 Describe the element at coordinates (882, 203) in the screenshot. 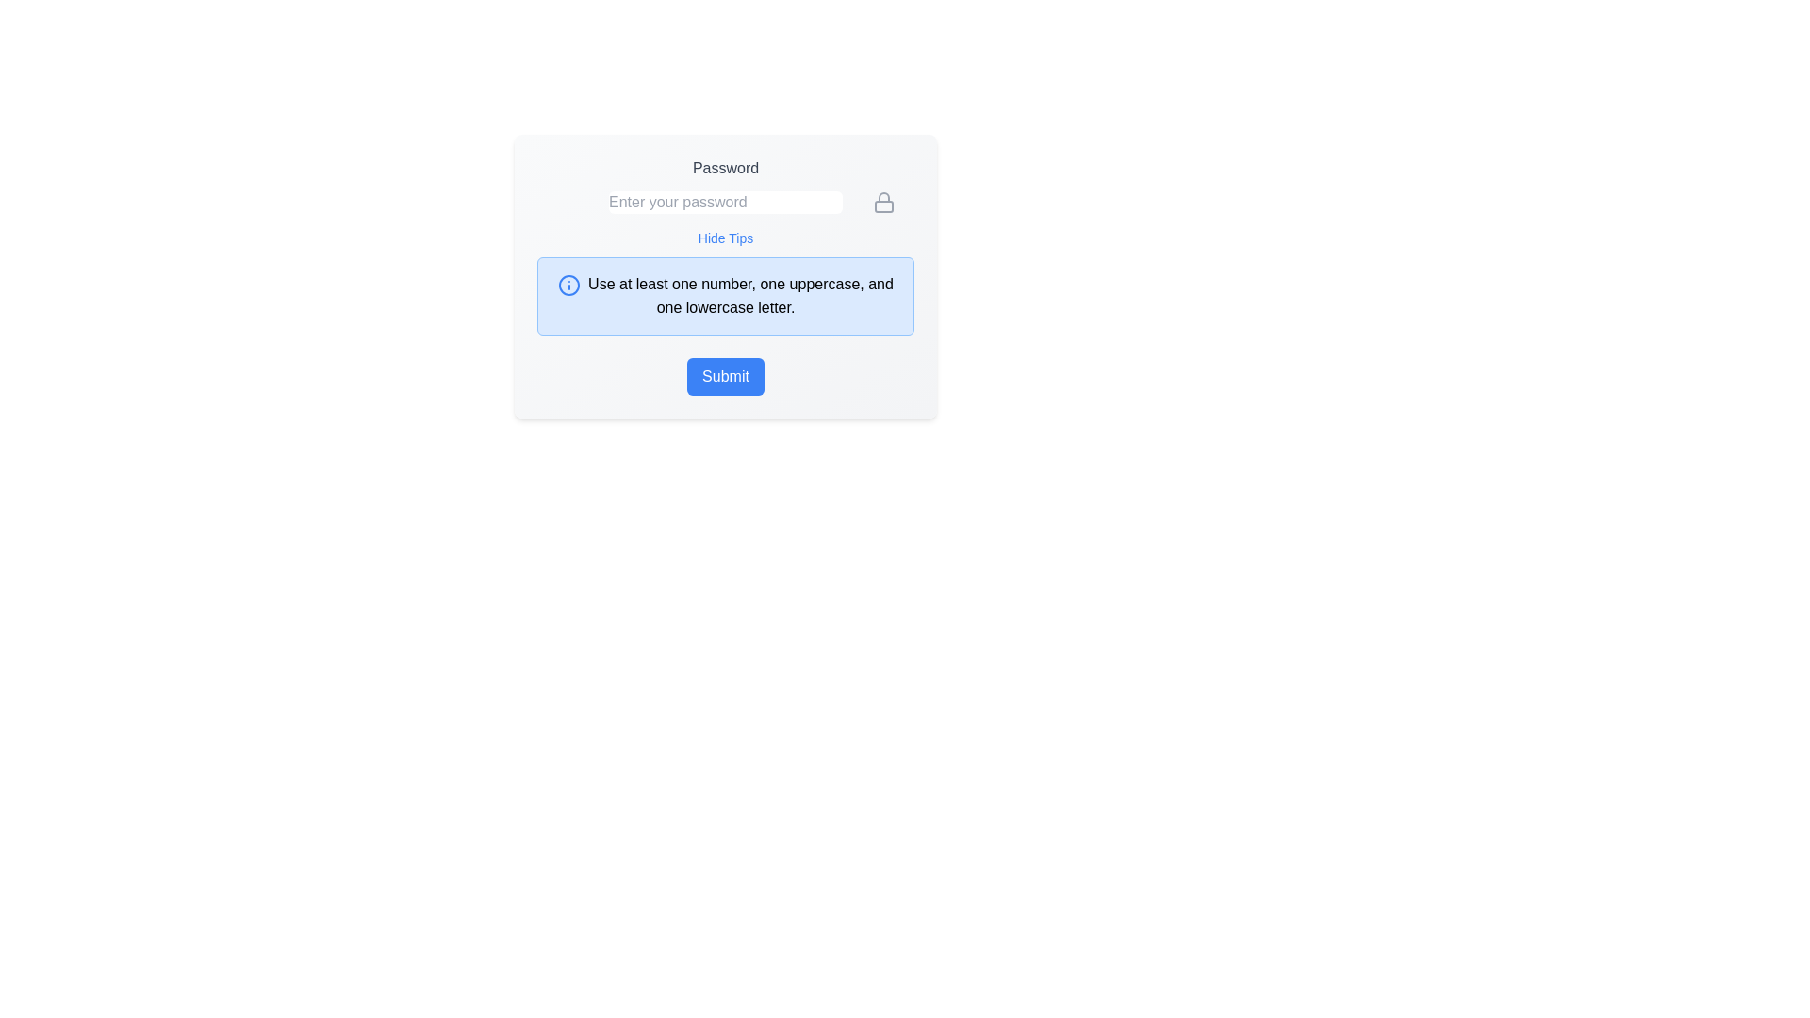

I see `the lock icon, which represents security and is located at the extreme right end of the password input field` at that location.